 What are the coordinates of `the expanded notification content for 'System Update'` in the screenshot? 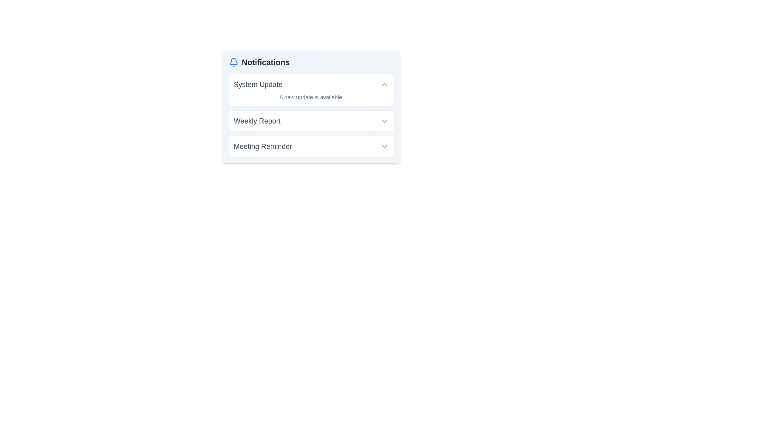 It's located at (311, 90).